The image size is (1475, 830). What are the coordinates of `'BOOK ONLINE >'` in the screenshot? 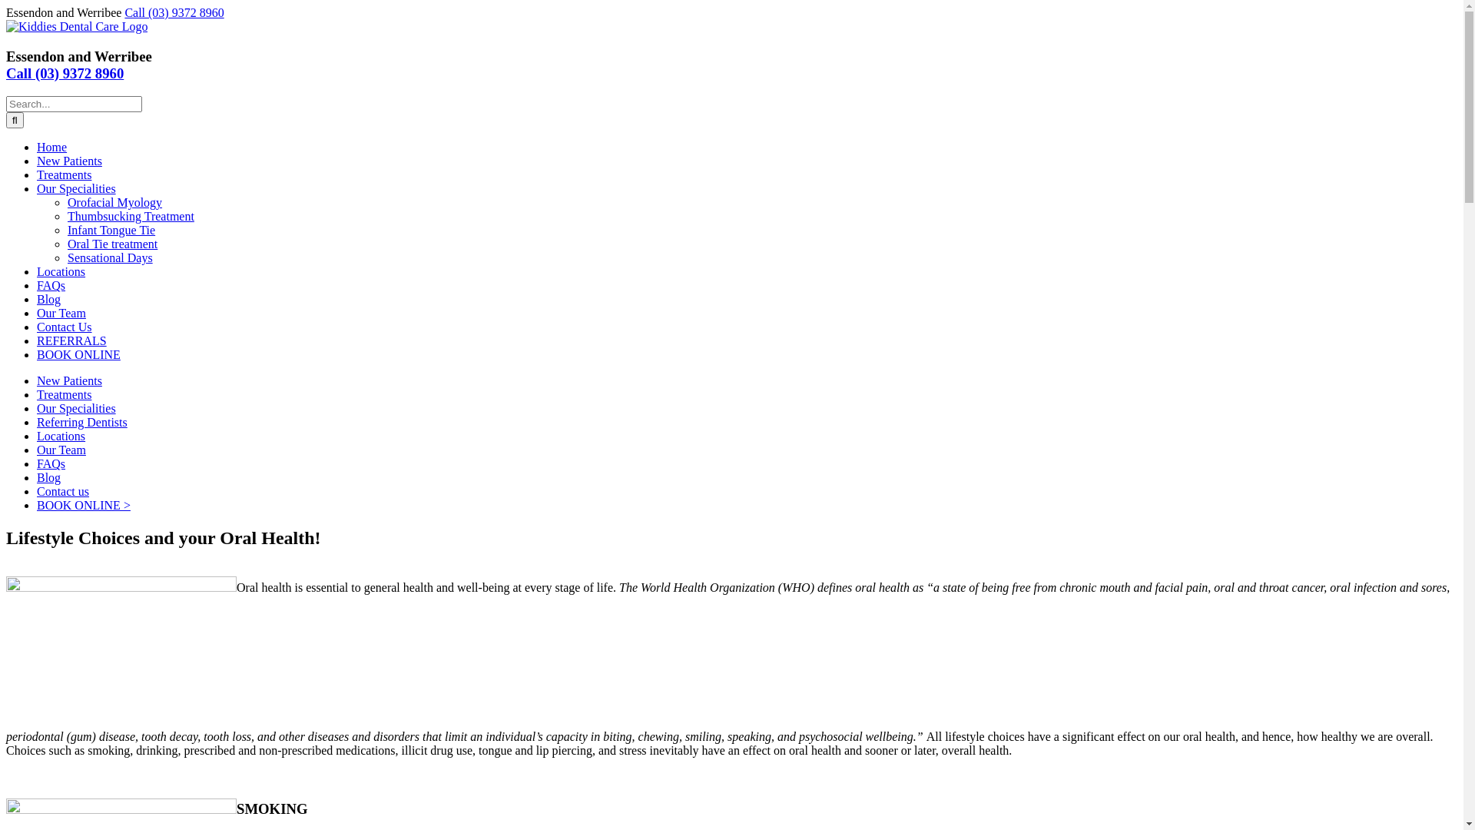 It's located at (37, 505).